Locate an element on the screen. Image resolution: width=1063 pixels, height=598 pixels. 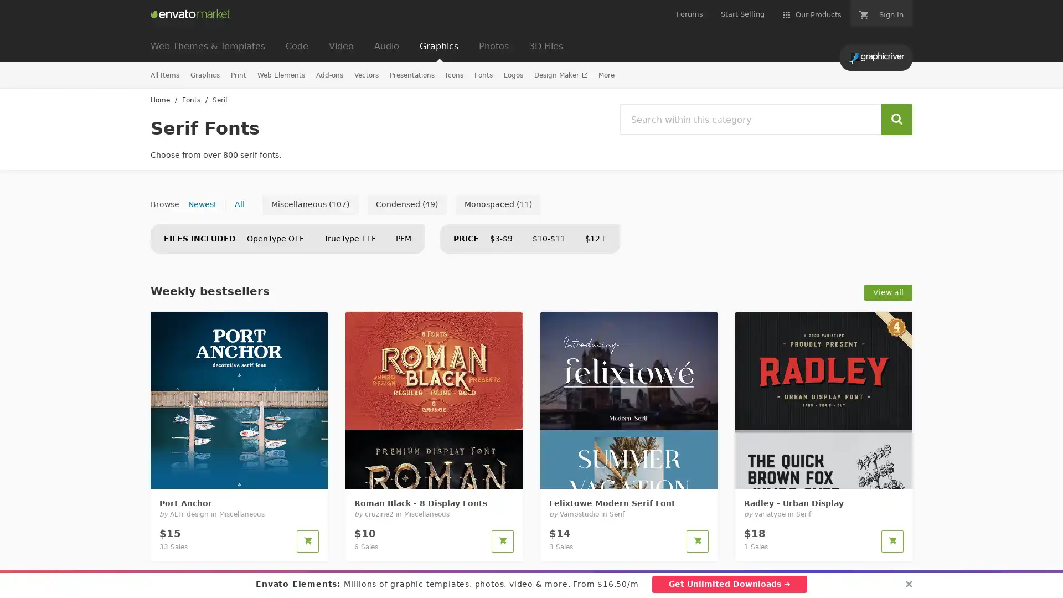
Add to cart is located at coordinates (308, 541).